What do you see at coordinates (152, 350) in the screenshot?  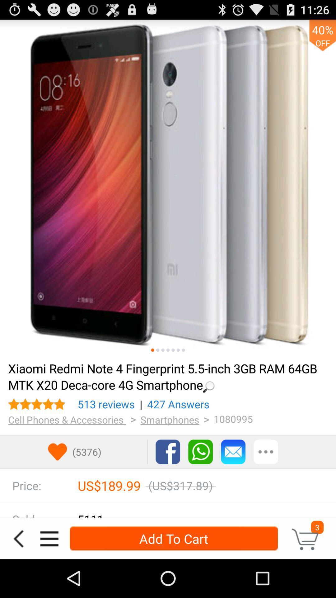 I see `the next photo` at bounding box center [152, 350].